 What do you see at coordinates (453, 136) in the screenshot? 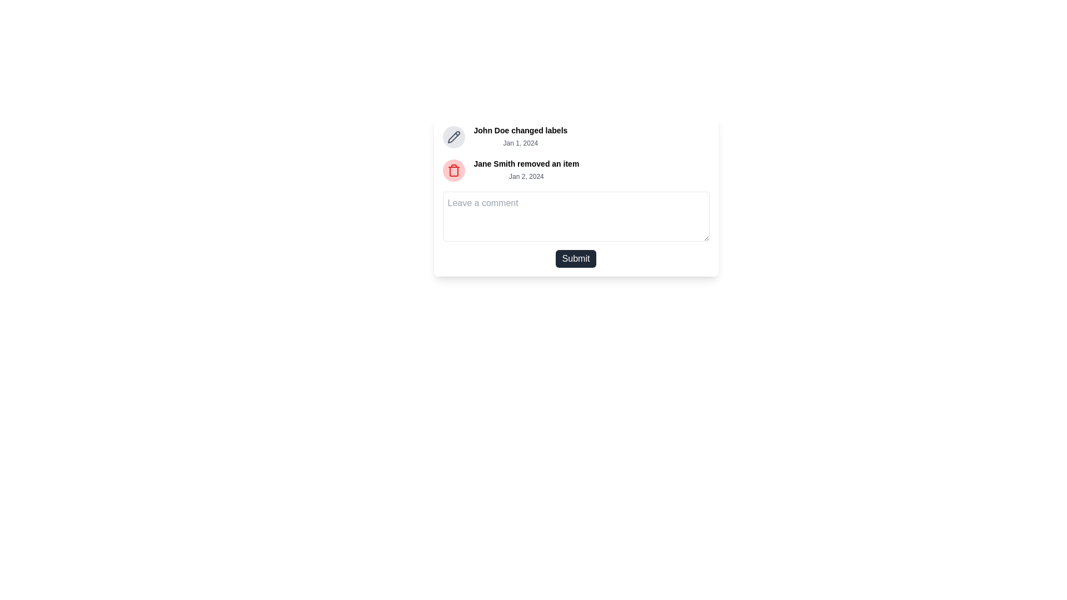
I see `the icon representing the edit or labeling action located to the left of the text 'John Doe changed labels'` at bounding box center [453, 136].